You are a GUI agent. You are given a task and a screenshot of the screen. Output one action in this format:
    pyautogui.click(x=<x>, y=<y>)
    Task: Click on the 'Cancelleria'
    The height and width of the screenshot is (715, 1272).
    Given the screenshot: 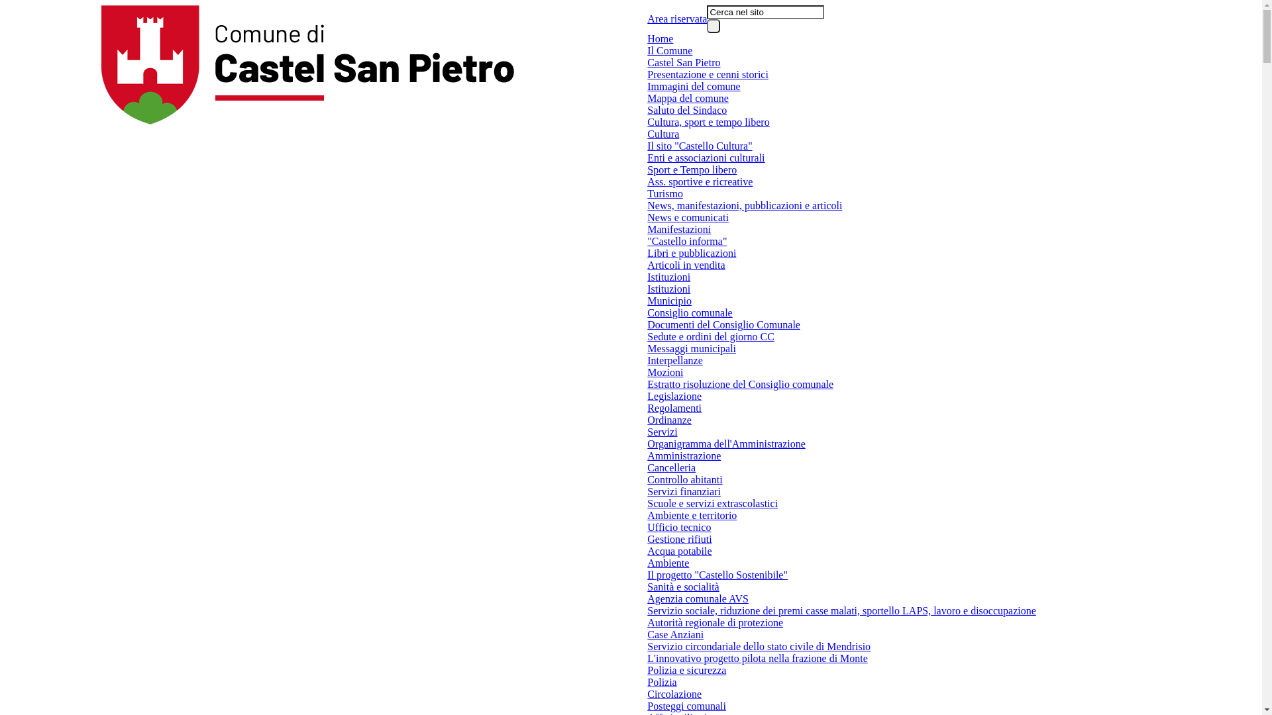 What is the action you would take?
    pyautogui.click(x=671, y=467)
    